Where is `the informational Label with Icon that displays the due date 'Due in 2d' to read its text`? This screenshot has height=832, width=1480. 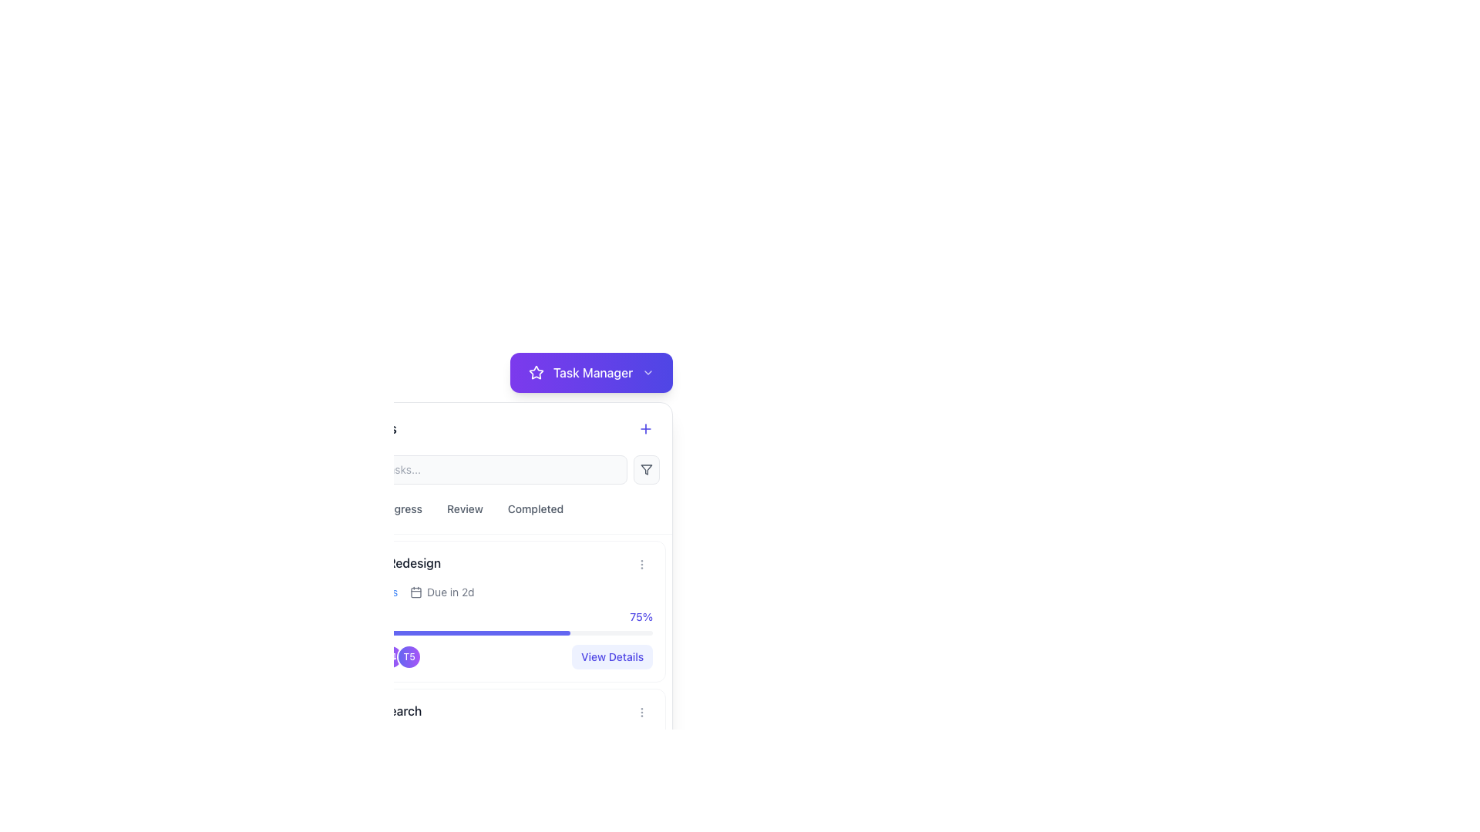 the informational Label with Icon that displays the due date 'Due in 2d' to read its text is located at coordinates (441, 591).